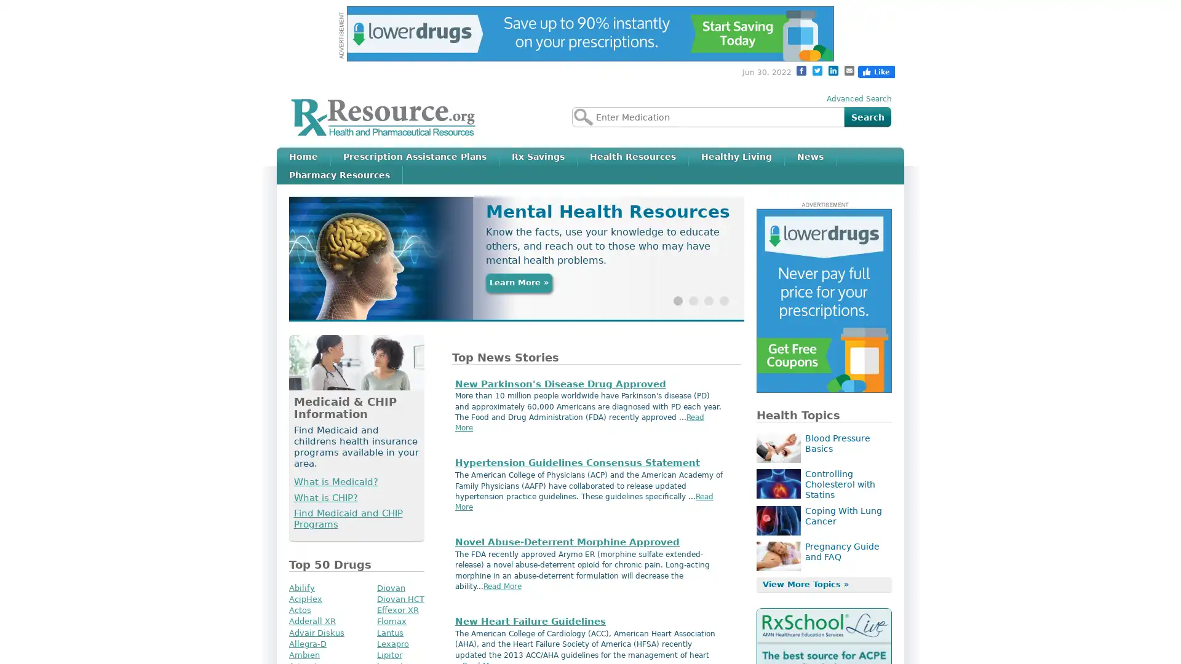 Image resolution: width=1181 pixels, height=664 pixels. I want to click on Search, so click(867, 117).